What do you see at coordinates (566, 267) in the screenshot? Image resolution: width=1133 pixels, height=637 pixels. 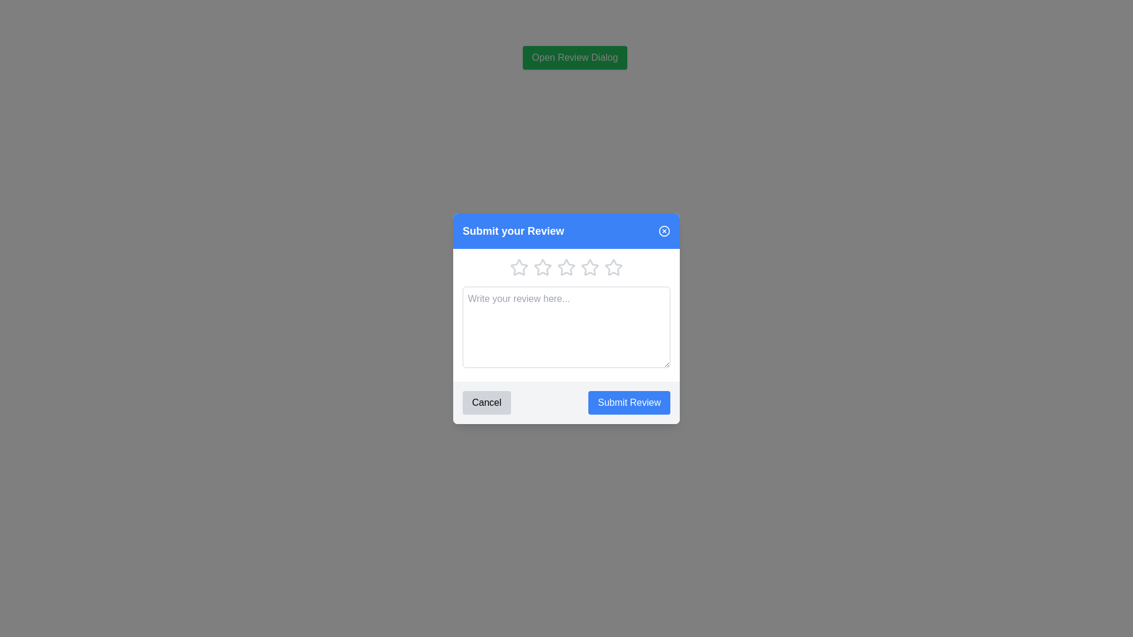 I see `the central star in the rating system located in the center of the modal dialog box, which allows users to select a rating value` at bounding box center [566, 267].